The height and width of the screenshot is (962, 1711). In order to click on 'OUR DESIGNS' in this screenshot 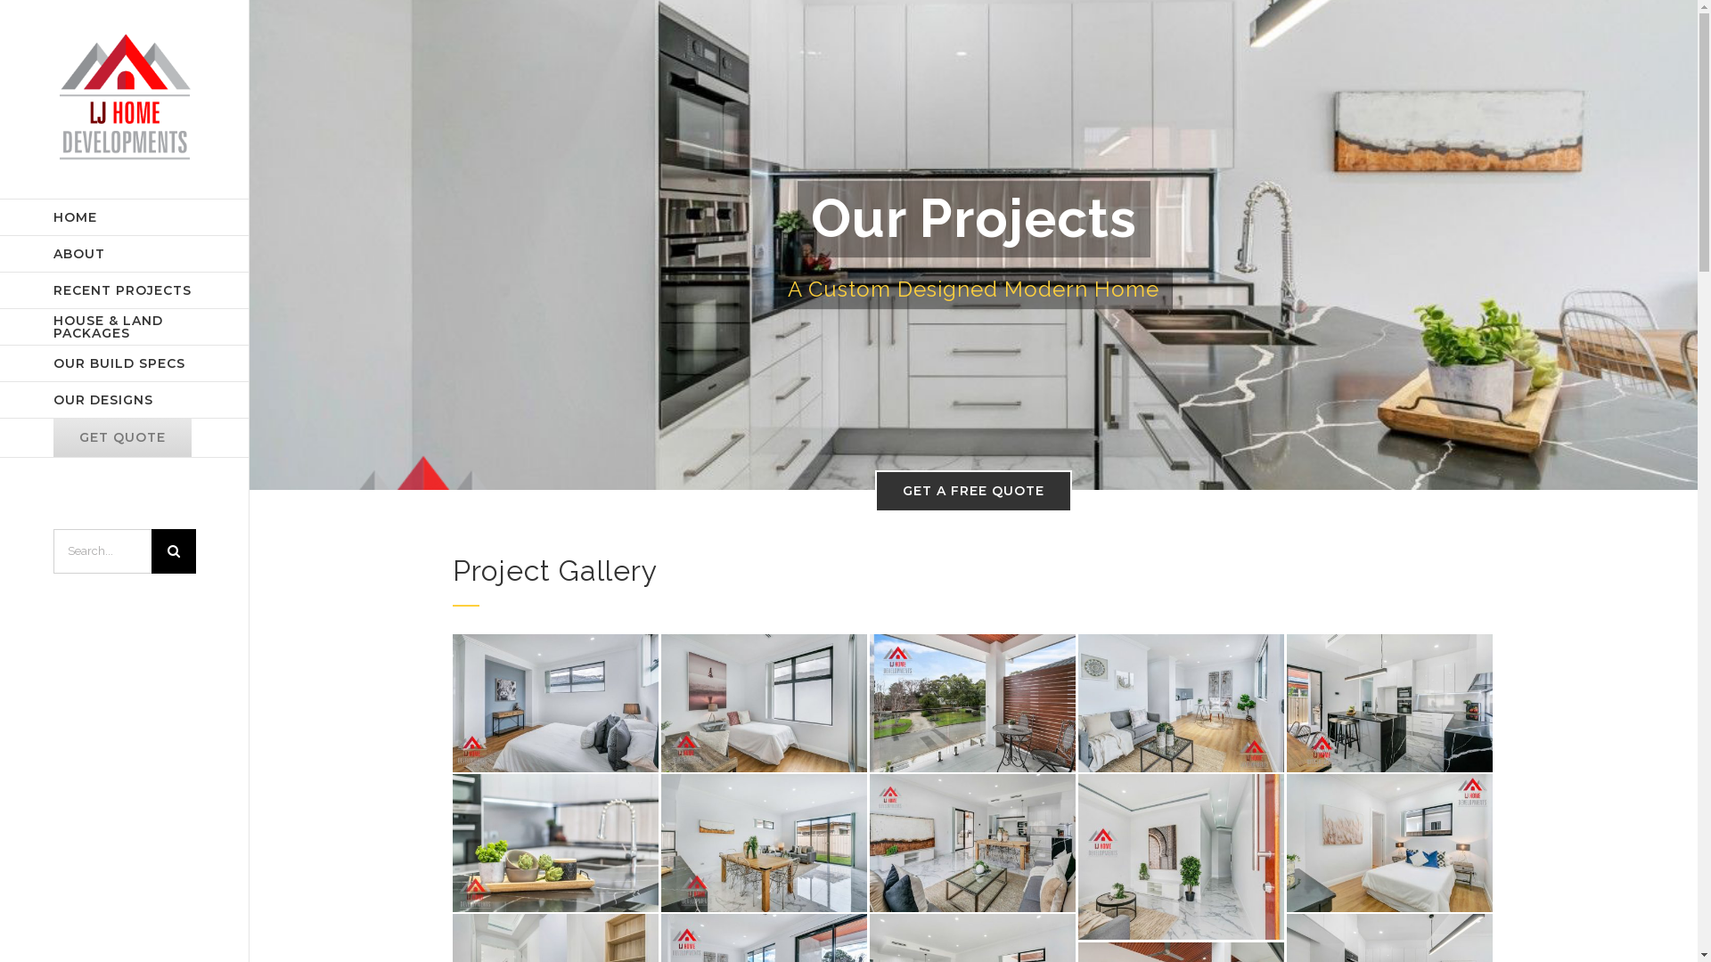, I will do `click(0, 399)`.